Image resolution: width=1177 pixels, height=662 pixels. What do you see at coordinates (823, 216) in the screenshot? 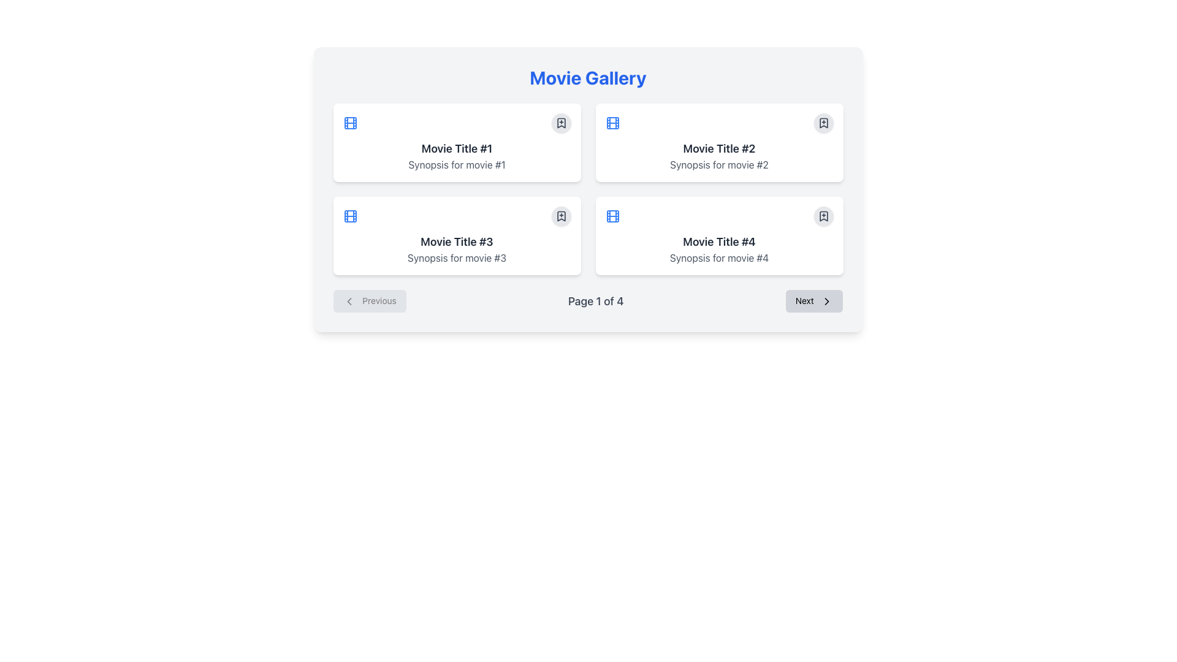
I see `the bookmark icon button with a plus sign overlay, located in the lower-right corner of the card for 'Movie Title #4' in the movie gallery` at bounding box center [823, 216].